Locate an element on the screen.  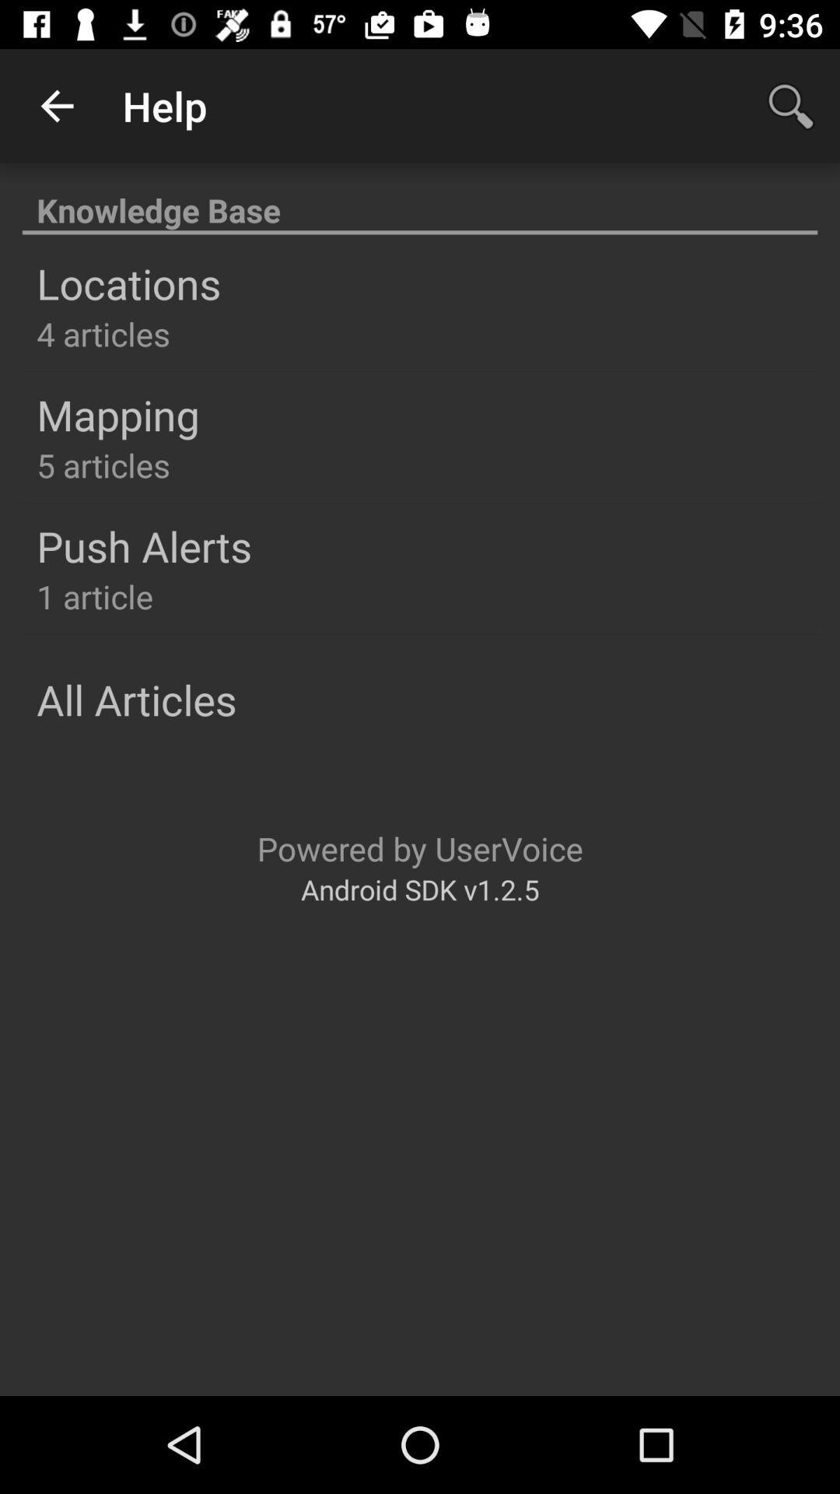
app next to the help icon is located at coordinates (791, 105).